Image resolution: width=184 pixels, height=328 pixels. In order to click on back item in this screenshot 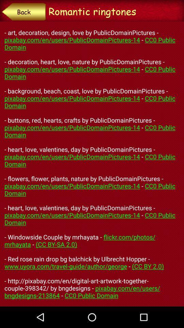, I will do `click(23, 11)`.